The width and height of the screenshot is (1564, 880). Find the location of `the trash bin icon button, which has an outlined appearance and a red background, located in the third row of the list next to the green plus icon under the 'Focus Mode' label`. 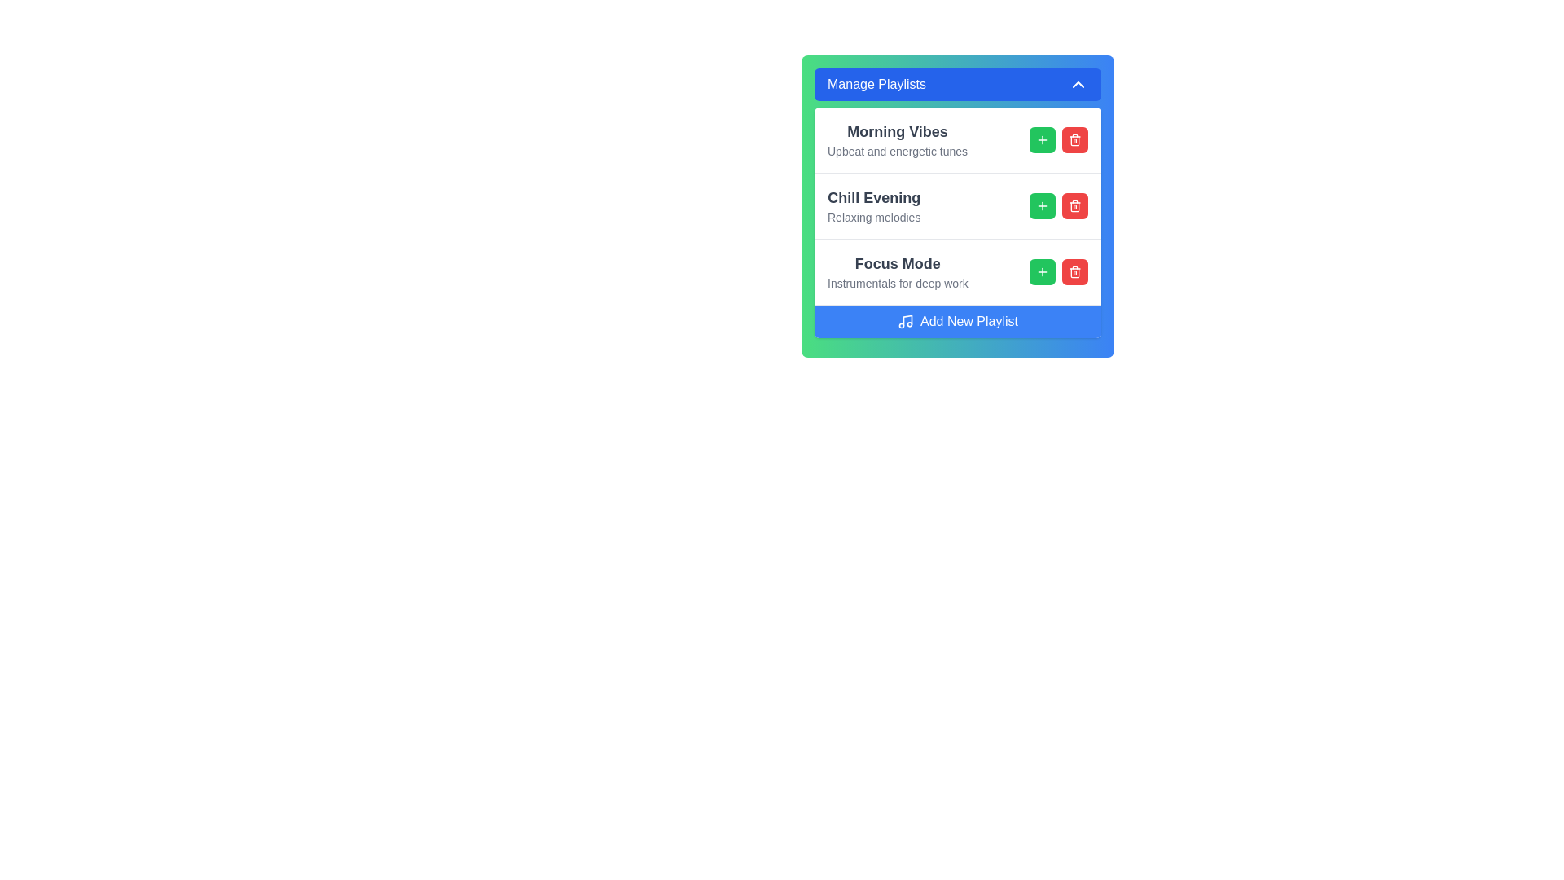

the trash bin icon button, which has an outlined appearance and a red background, located in the third row of the list next to the green plus icon under the 'Focus Mode' label is located at coordinates (1075, 271).